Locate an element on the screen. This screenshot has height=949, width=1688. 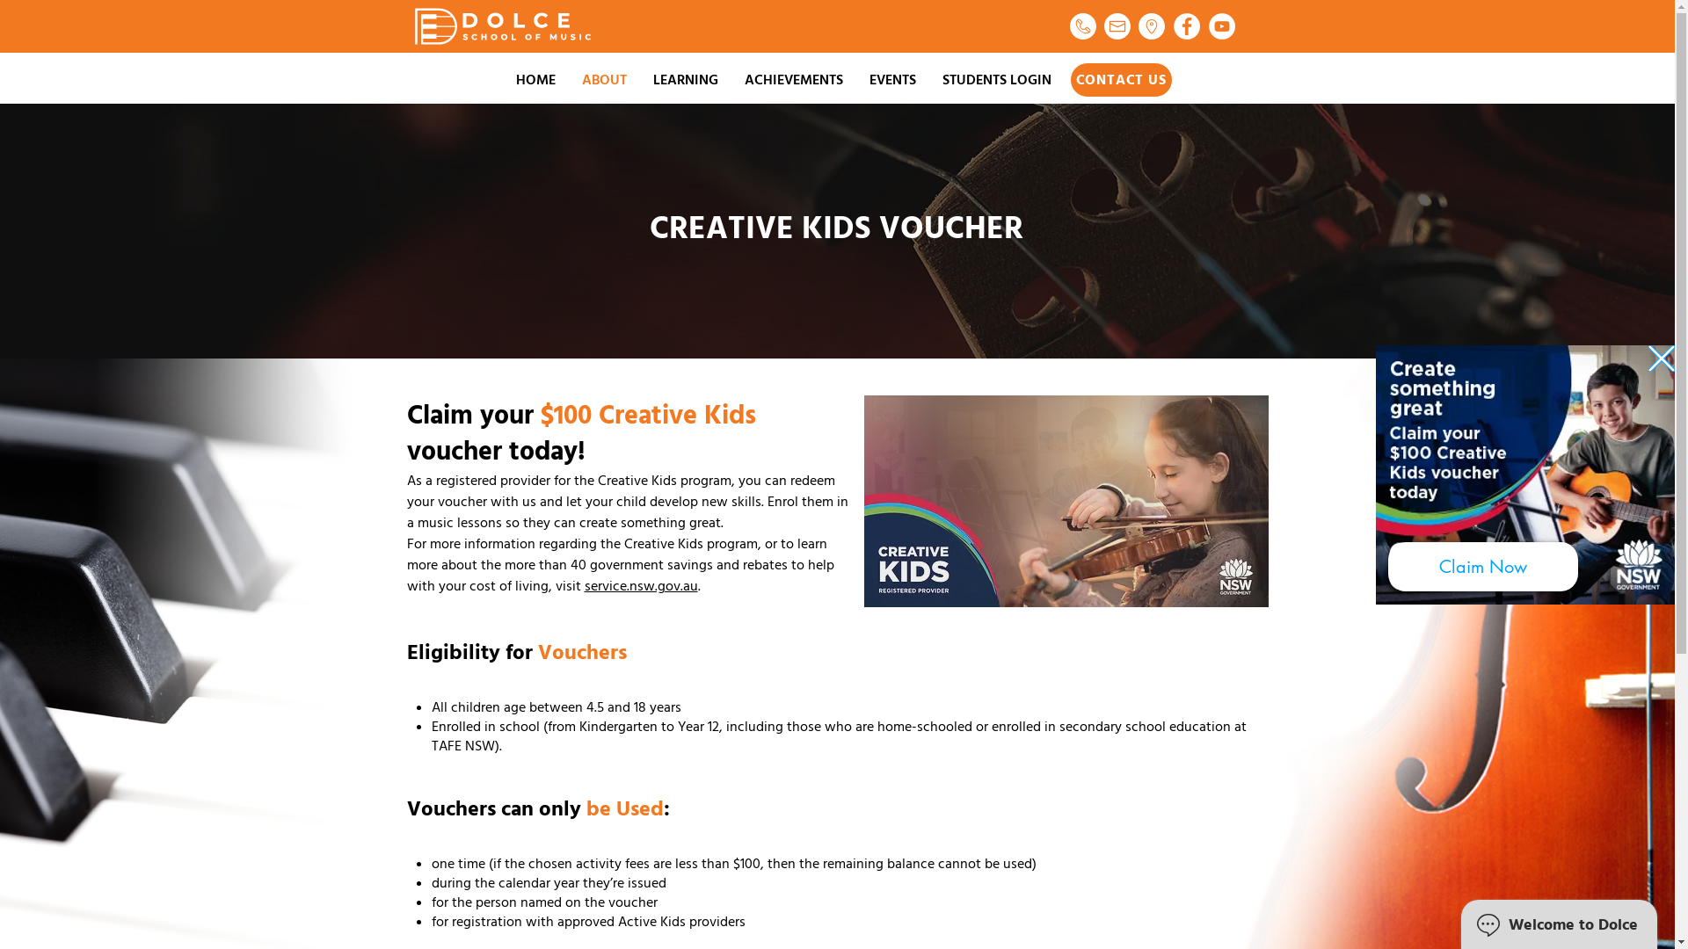
'ACHIEVEMENTS' is located at coordinates (792, 80).